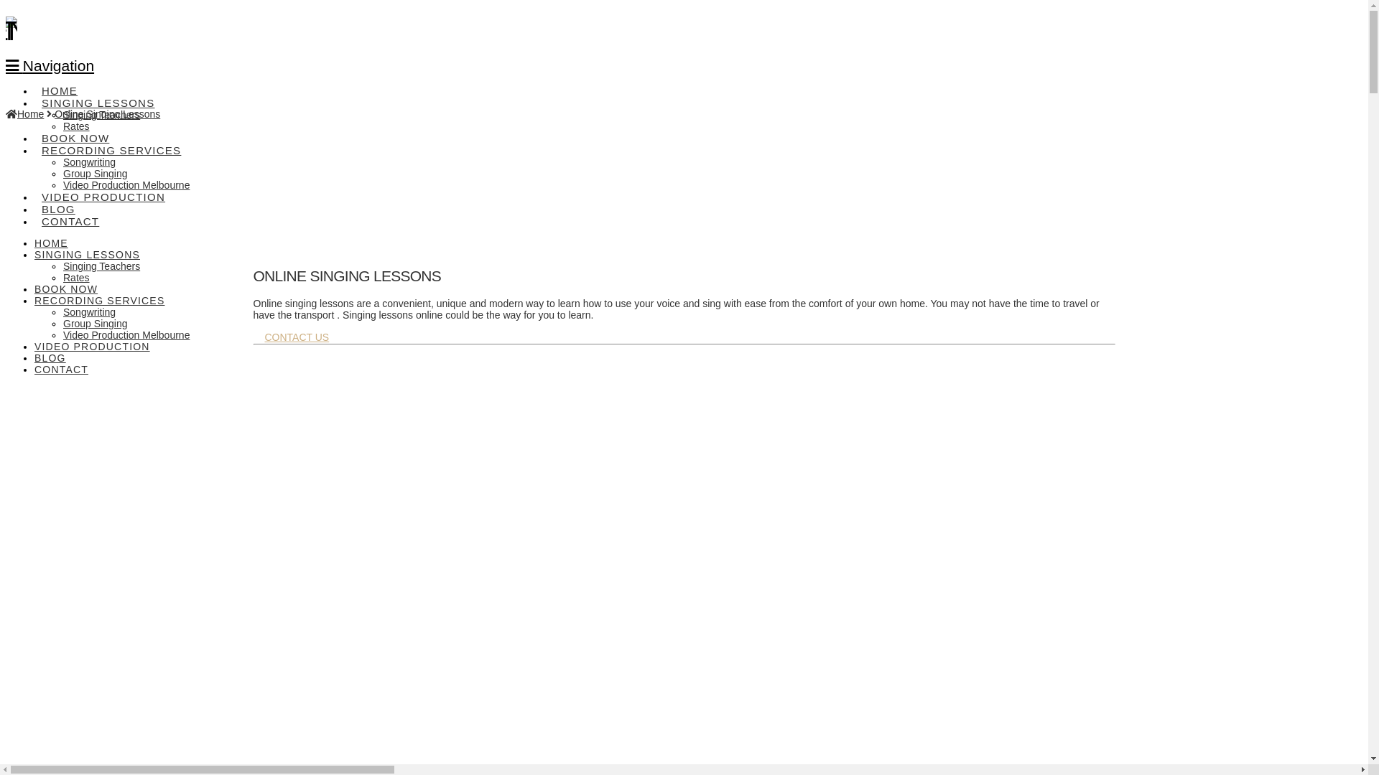  I want to click on 'Rates', so click(75, 126).